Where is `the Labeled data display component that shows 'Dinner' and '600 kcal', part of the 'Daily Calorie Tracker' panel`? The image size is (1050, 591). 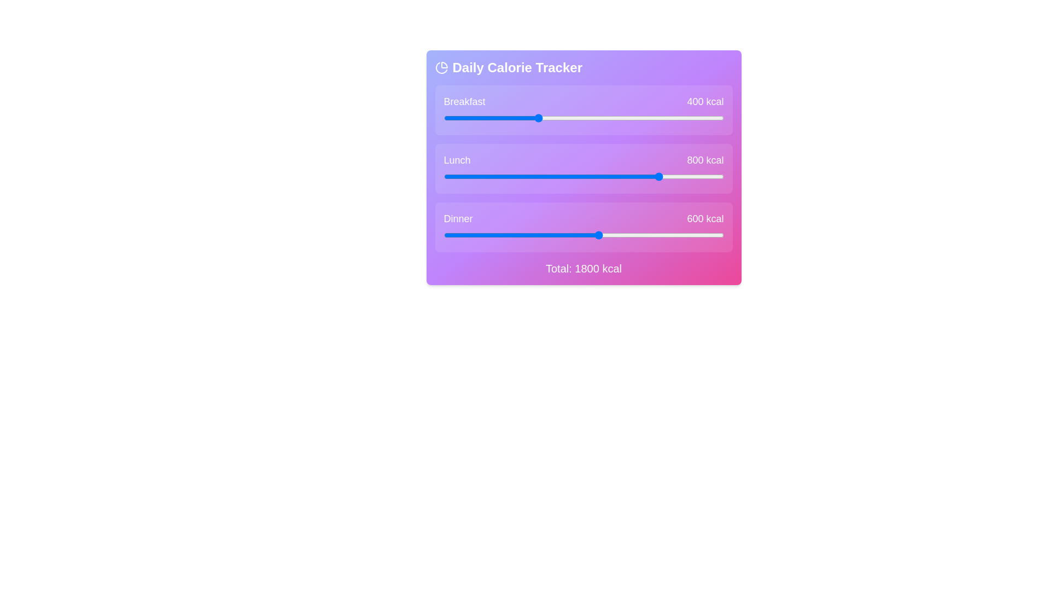
the Labeled data display component that shows 'Dinner' and '600 kcal', part of the 'Daily Calorie Tracker' panel is located at coordinates (583, 219).